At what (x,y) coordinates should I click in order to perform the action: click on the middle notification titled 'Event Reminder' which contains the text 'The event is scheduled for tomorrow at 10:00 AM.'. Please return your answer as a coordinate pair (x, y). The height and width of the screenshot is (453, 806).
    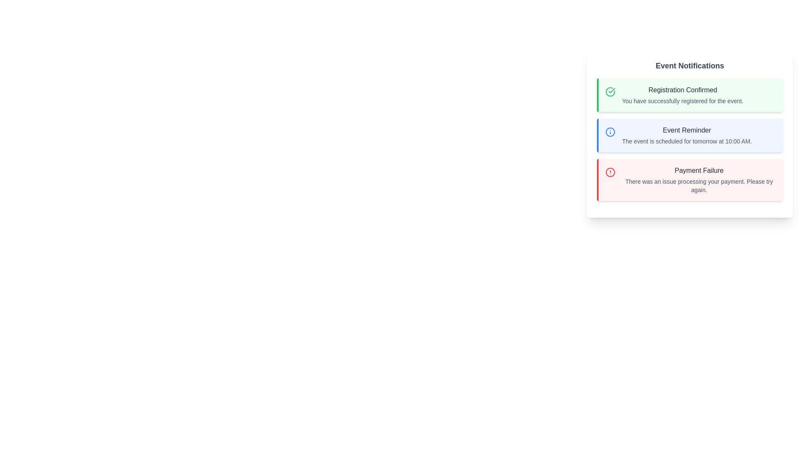
    Looking at the image, I should click on (690, 139).